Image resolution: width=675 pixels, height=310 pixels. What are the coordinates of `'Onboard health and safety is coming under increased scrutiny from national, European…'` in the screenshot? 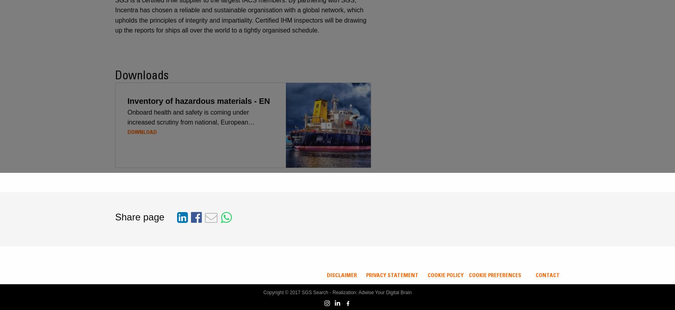 It's located at (191, 117).